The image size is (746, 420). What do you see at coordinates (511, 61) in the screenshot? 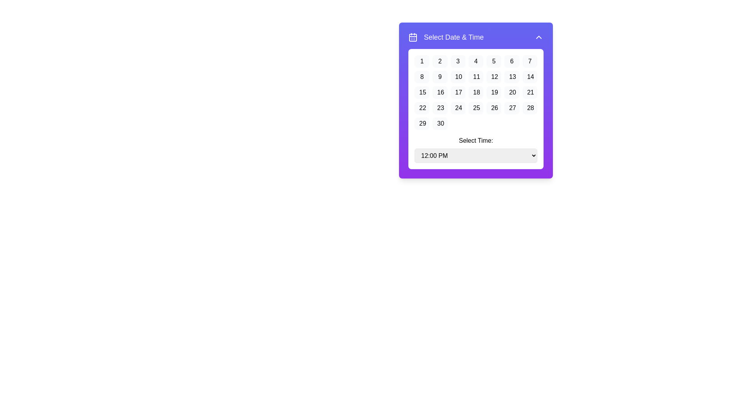
I see `the calendar button representing the 6th day` at bounding box center [511, 61].